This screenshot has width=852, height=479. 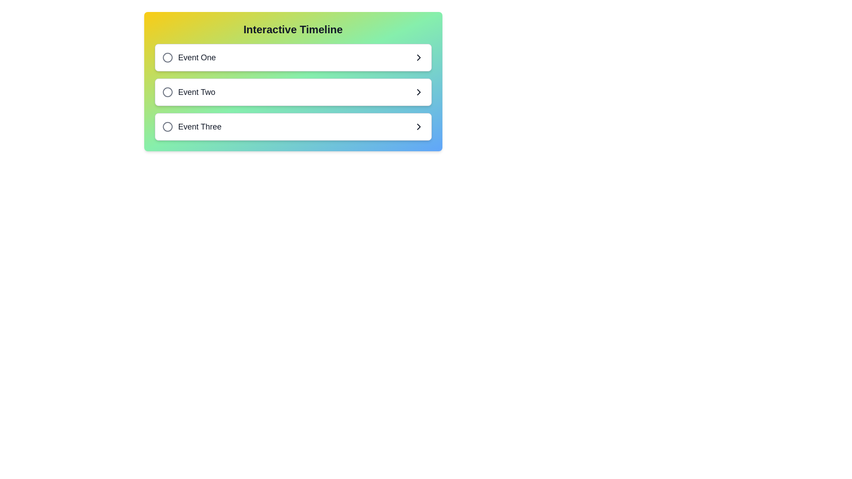 What do you see at coordinates (167, 92) in the screenshot?
I see `the SVG graphic representing a circle associated with 'Event Two', located in the central row of three vertically-stacked circles` at bounding box center [167, 92].